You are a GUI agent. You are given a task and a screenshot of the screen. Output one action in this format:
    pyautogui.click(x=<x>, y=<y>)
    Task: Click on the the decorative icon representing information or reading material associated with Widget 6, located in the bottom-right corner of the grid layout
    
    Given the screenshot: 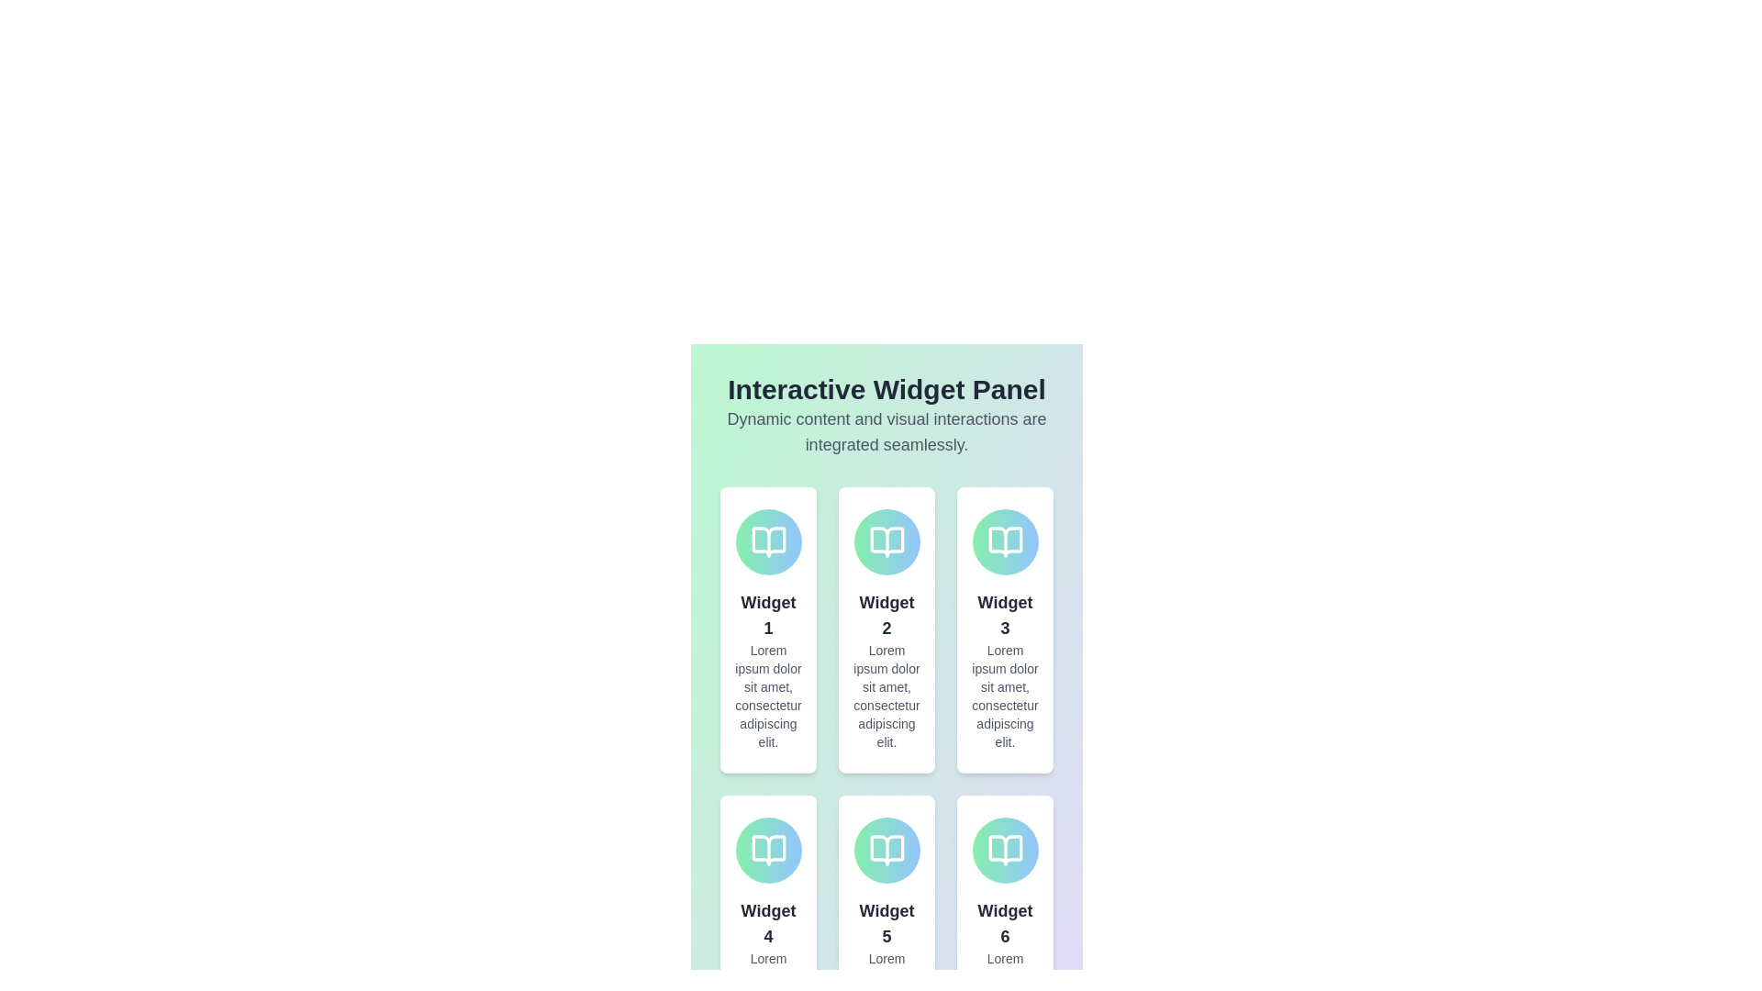 What is the action you would take?
    pyautogui.click(x=1004, y=850)
    